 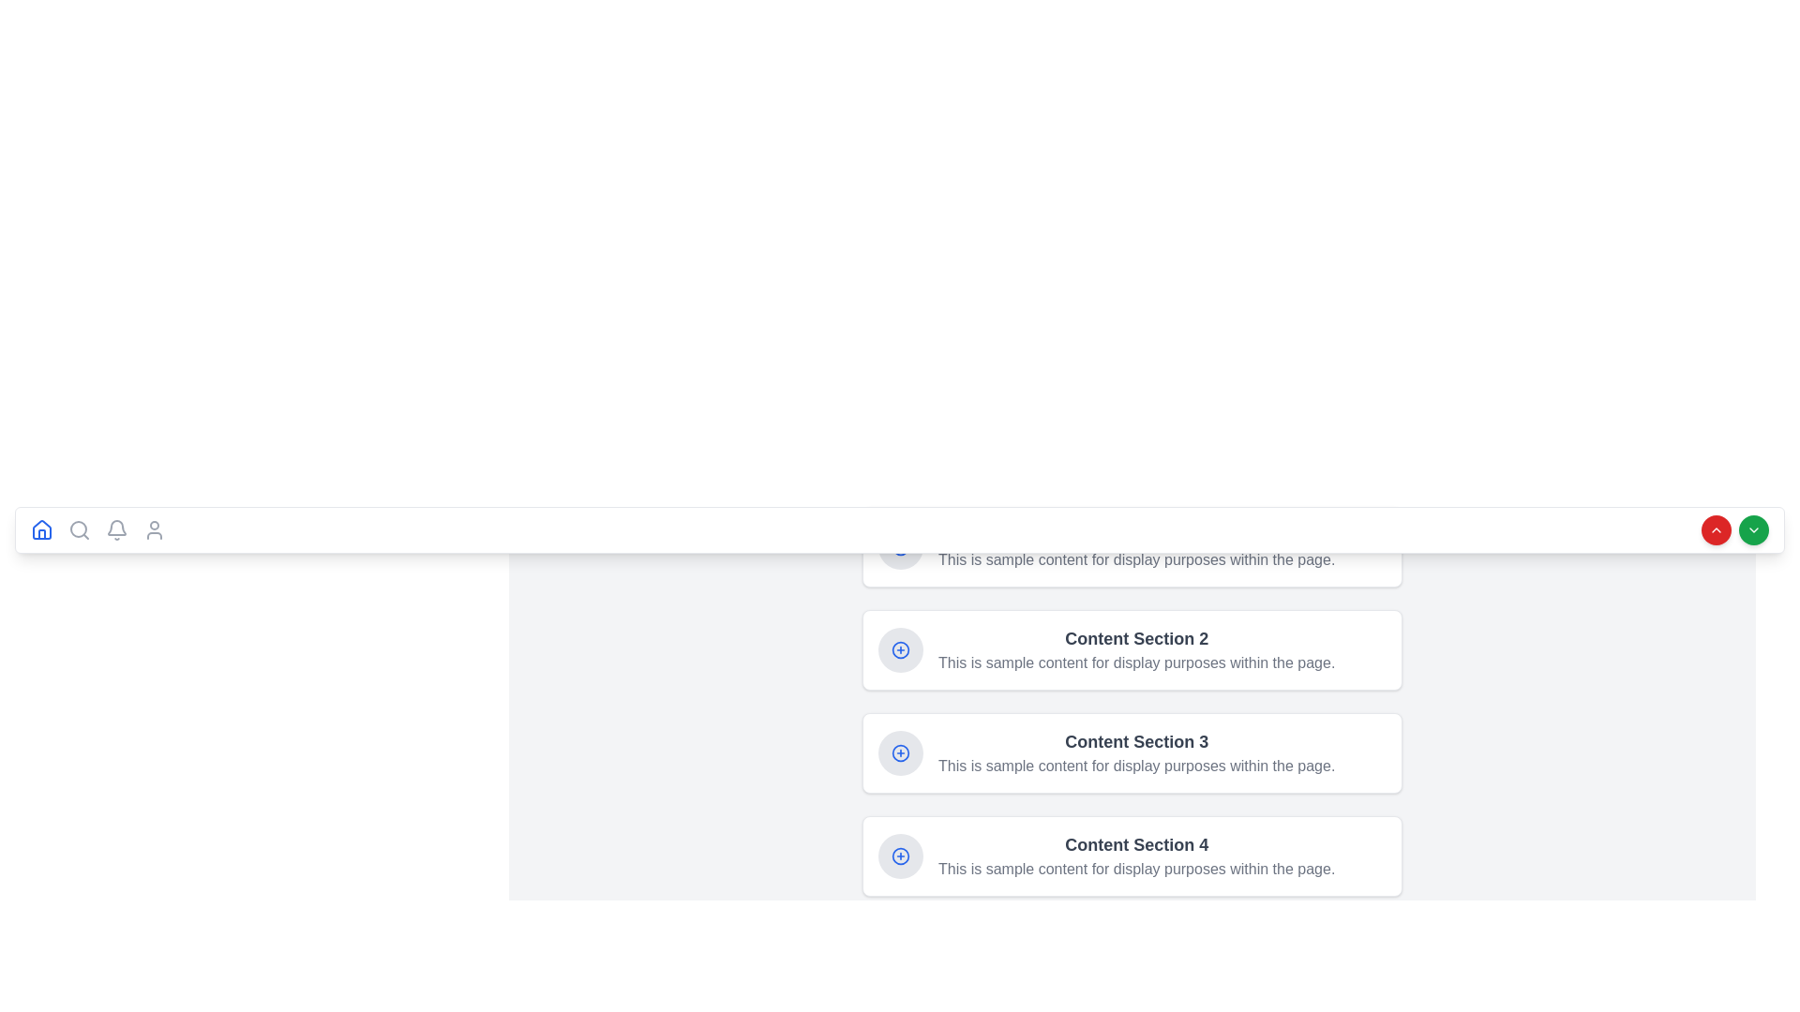 I want to click on the blue circular icon button with a plus sign, located to the left of 'Content Section 2', so click(x=900, y=649).